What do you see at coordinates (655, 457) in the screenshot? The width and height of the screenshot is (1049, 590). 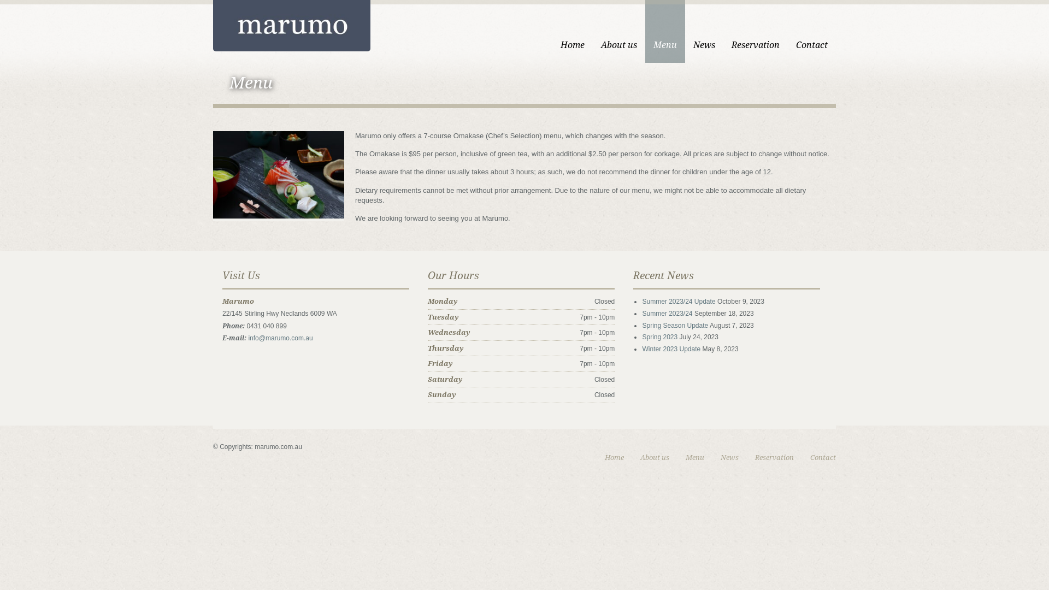 I see `'About us'` at bounding box center [655, 457].